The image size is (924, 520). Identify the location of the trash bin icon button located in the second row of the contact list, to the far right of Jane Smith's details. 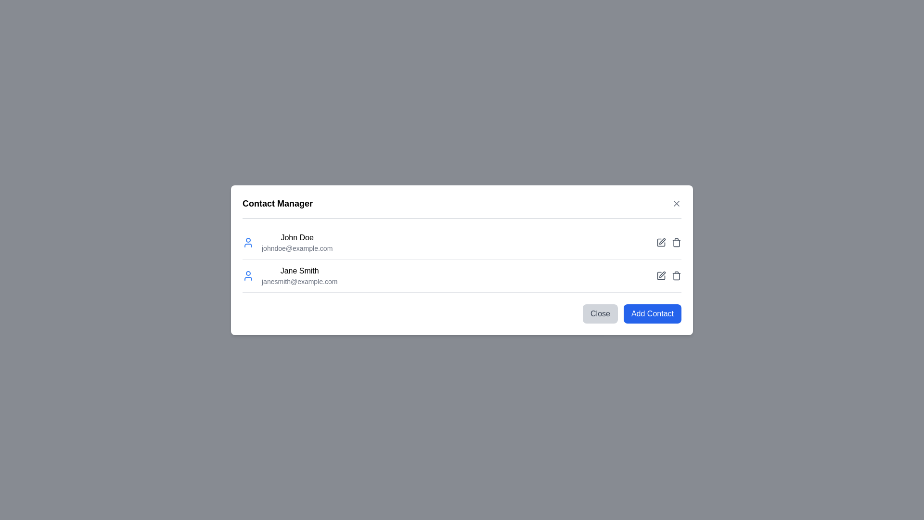
(676, 242).